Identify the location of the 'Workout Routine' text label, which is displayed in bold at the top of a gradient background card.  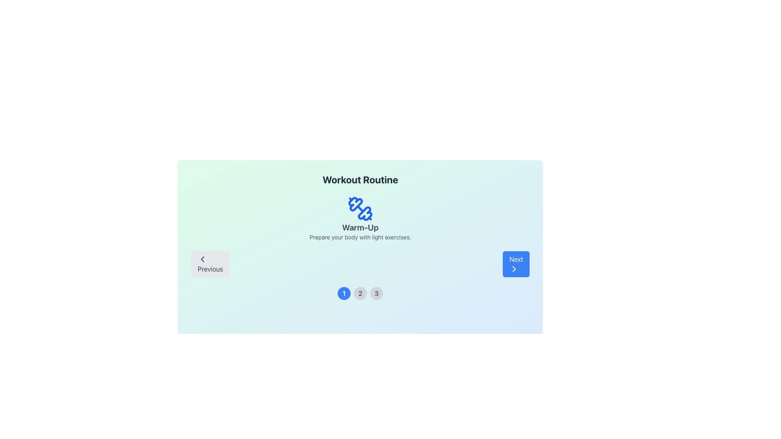
(360, 179).